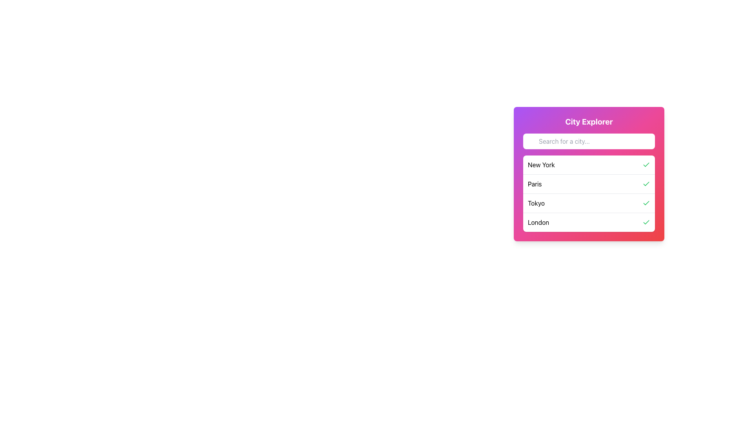 This screenshot has height=423, width=753. I want to click on the selectable list item labeled 'Paris', which is the second item in a vertical list of four items, so click(589, 184).